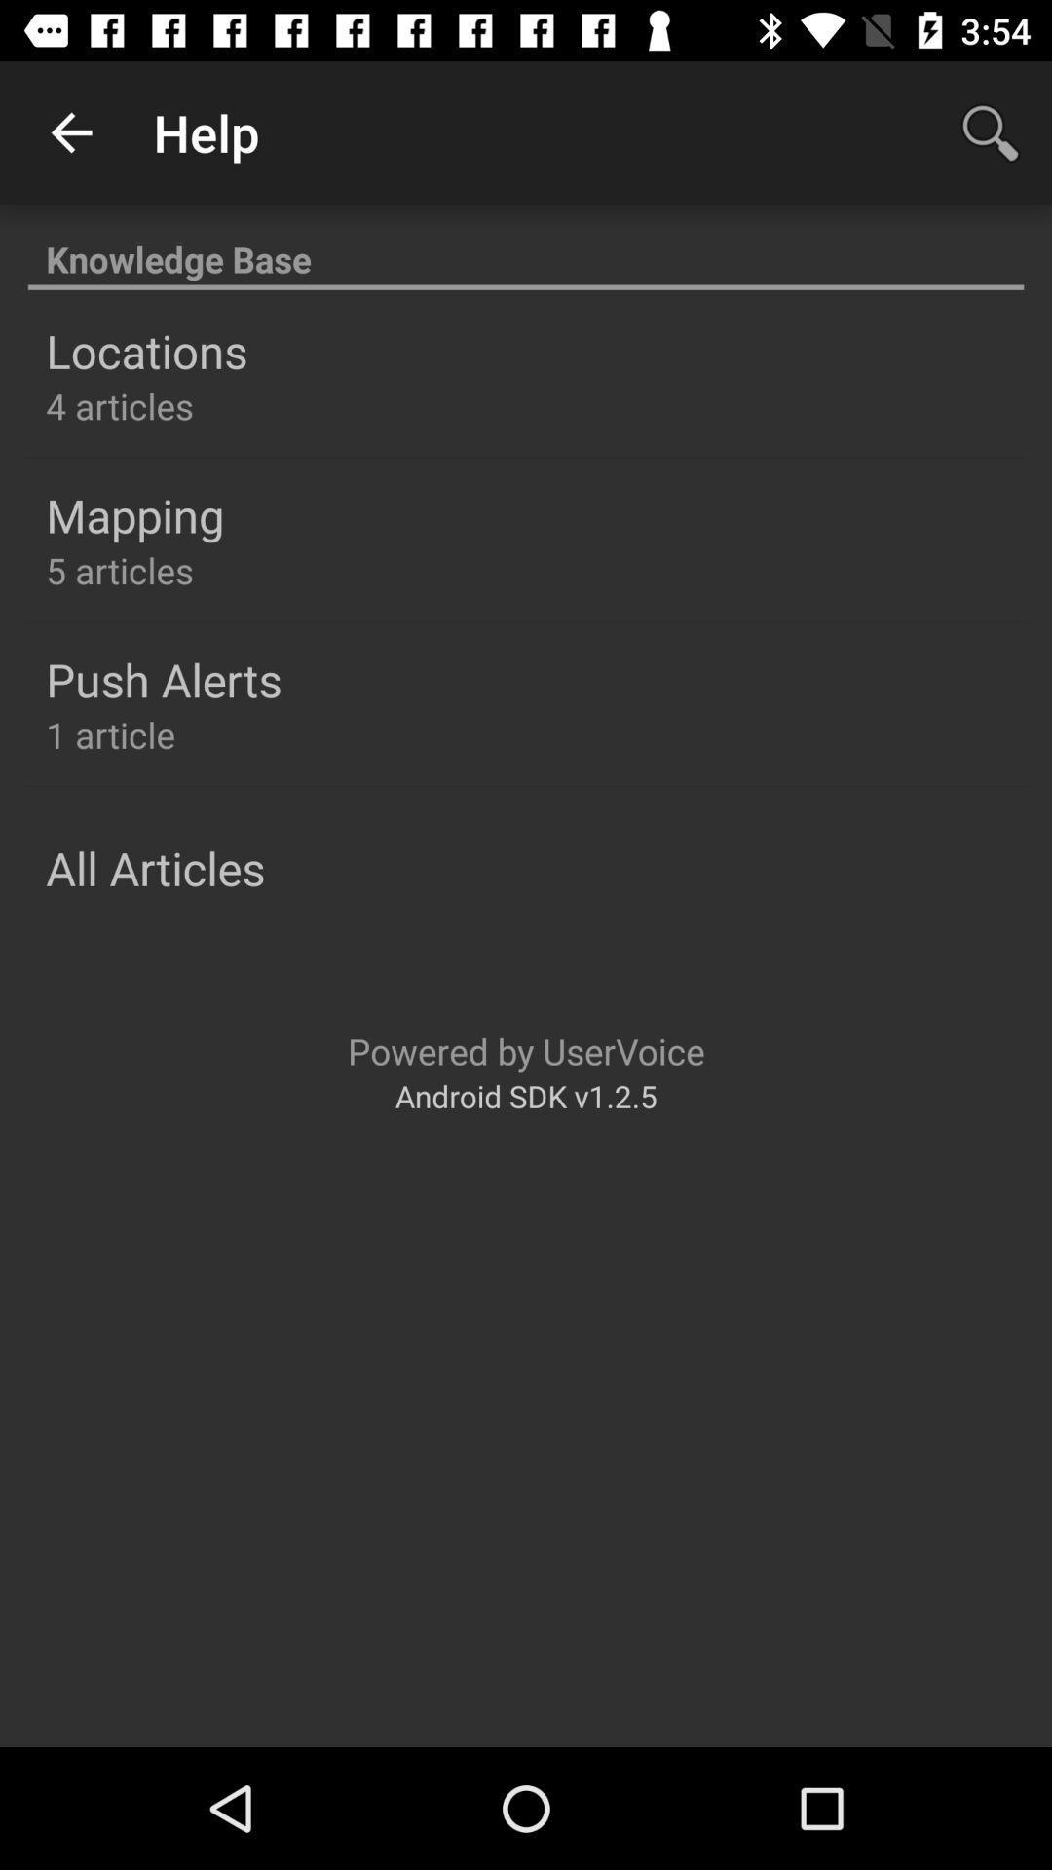  I want to click on the item to the left of the help, so click(70, 131).